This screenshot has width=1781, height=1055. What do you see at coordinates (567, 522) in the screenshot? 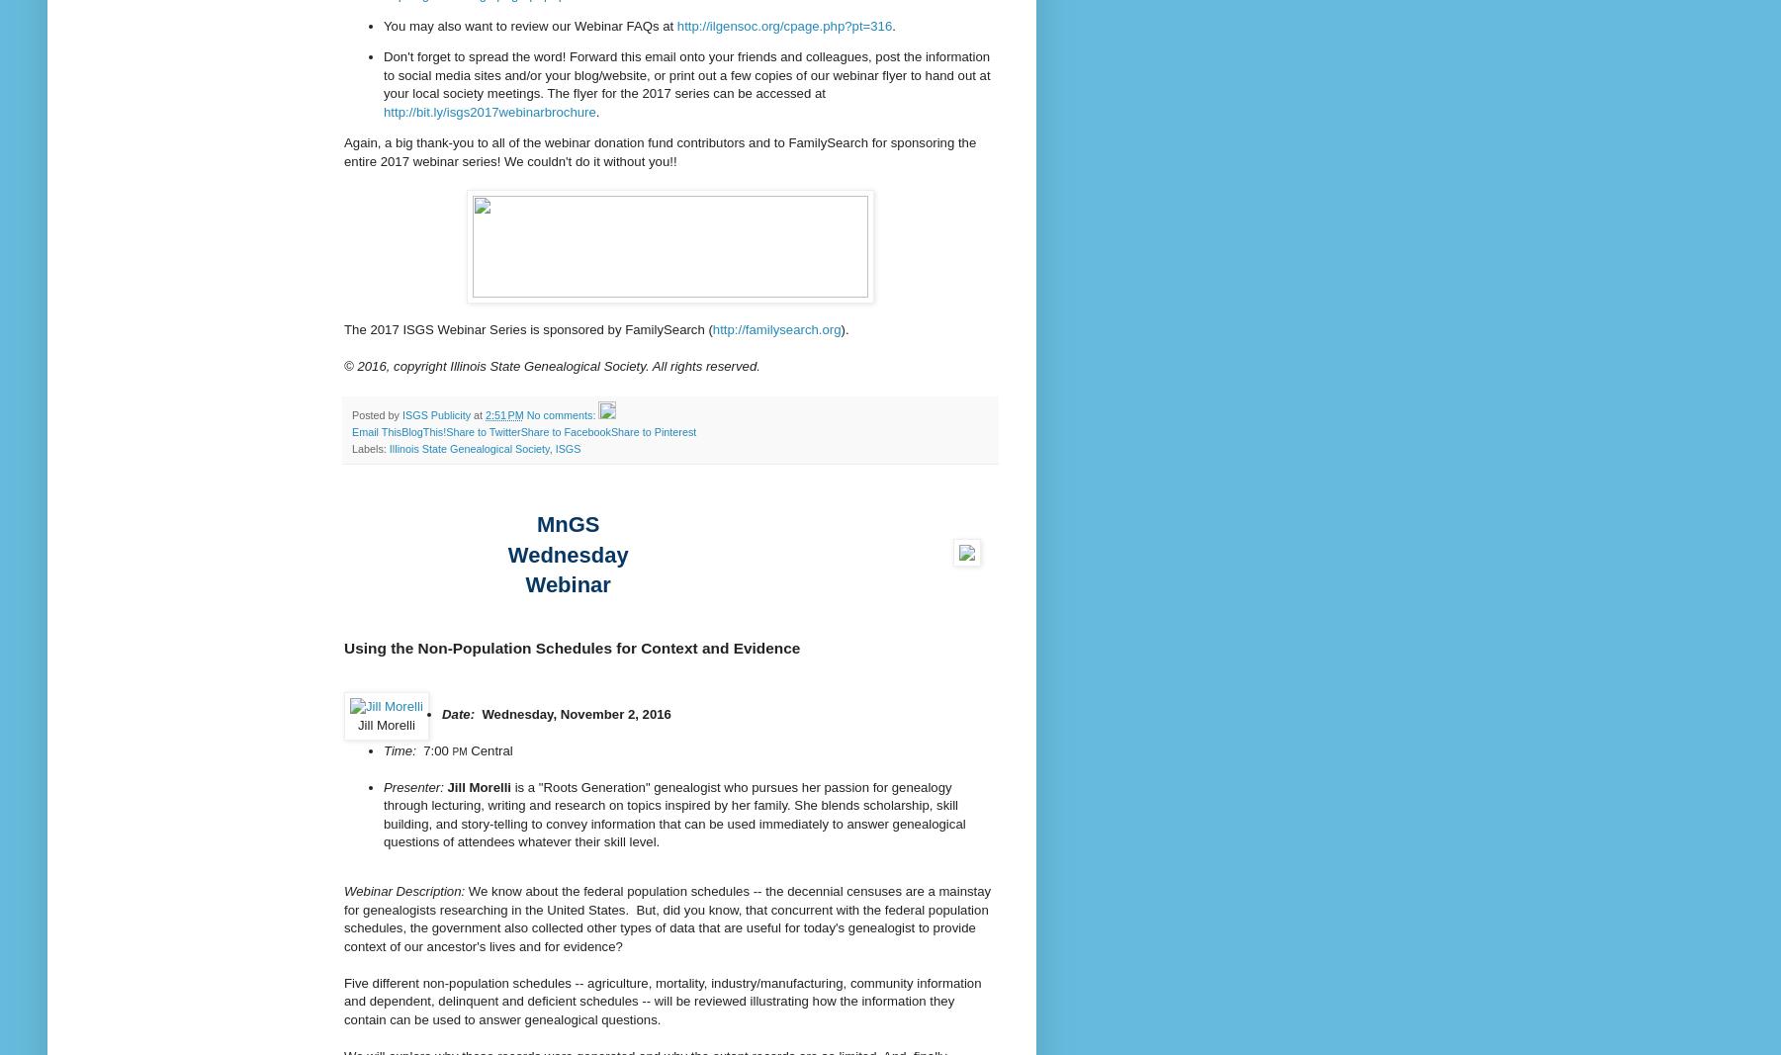
I see `'MnGS'` at bounding box center [567, 522].